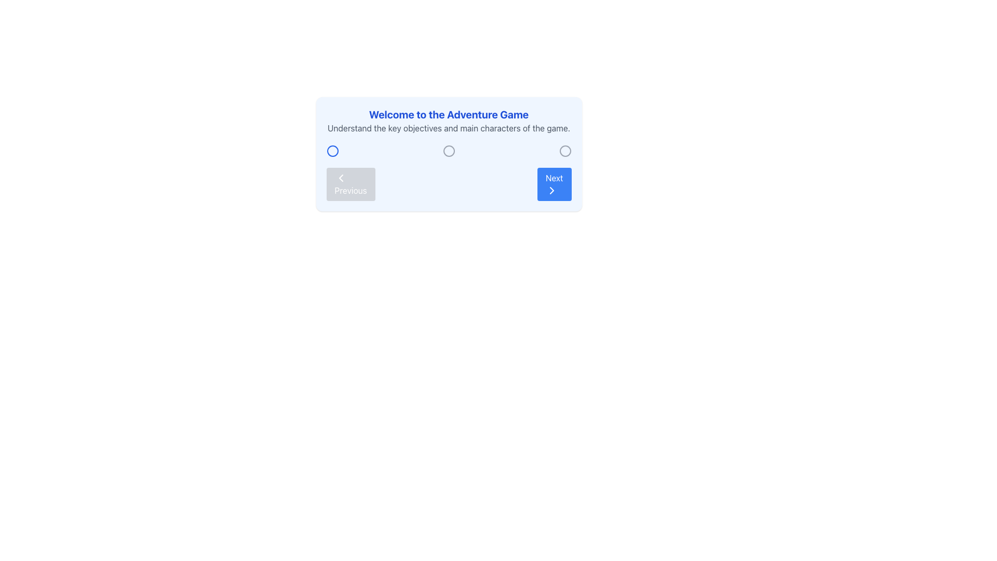  Describe the element at coordinates (551, 190) in the screenshot. I see `the chevron-right vector icon located within the blue 'Next' button at the bottom-right corner of the UI panel` at that location.